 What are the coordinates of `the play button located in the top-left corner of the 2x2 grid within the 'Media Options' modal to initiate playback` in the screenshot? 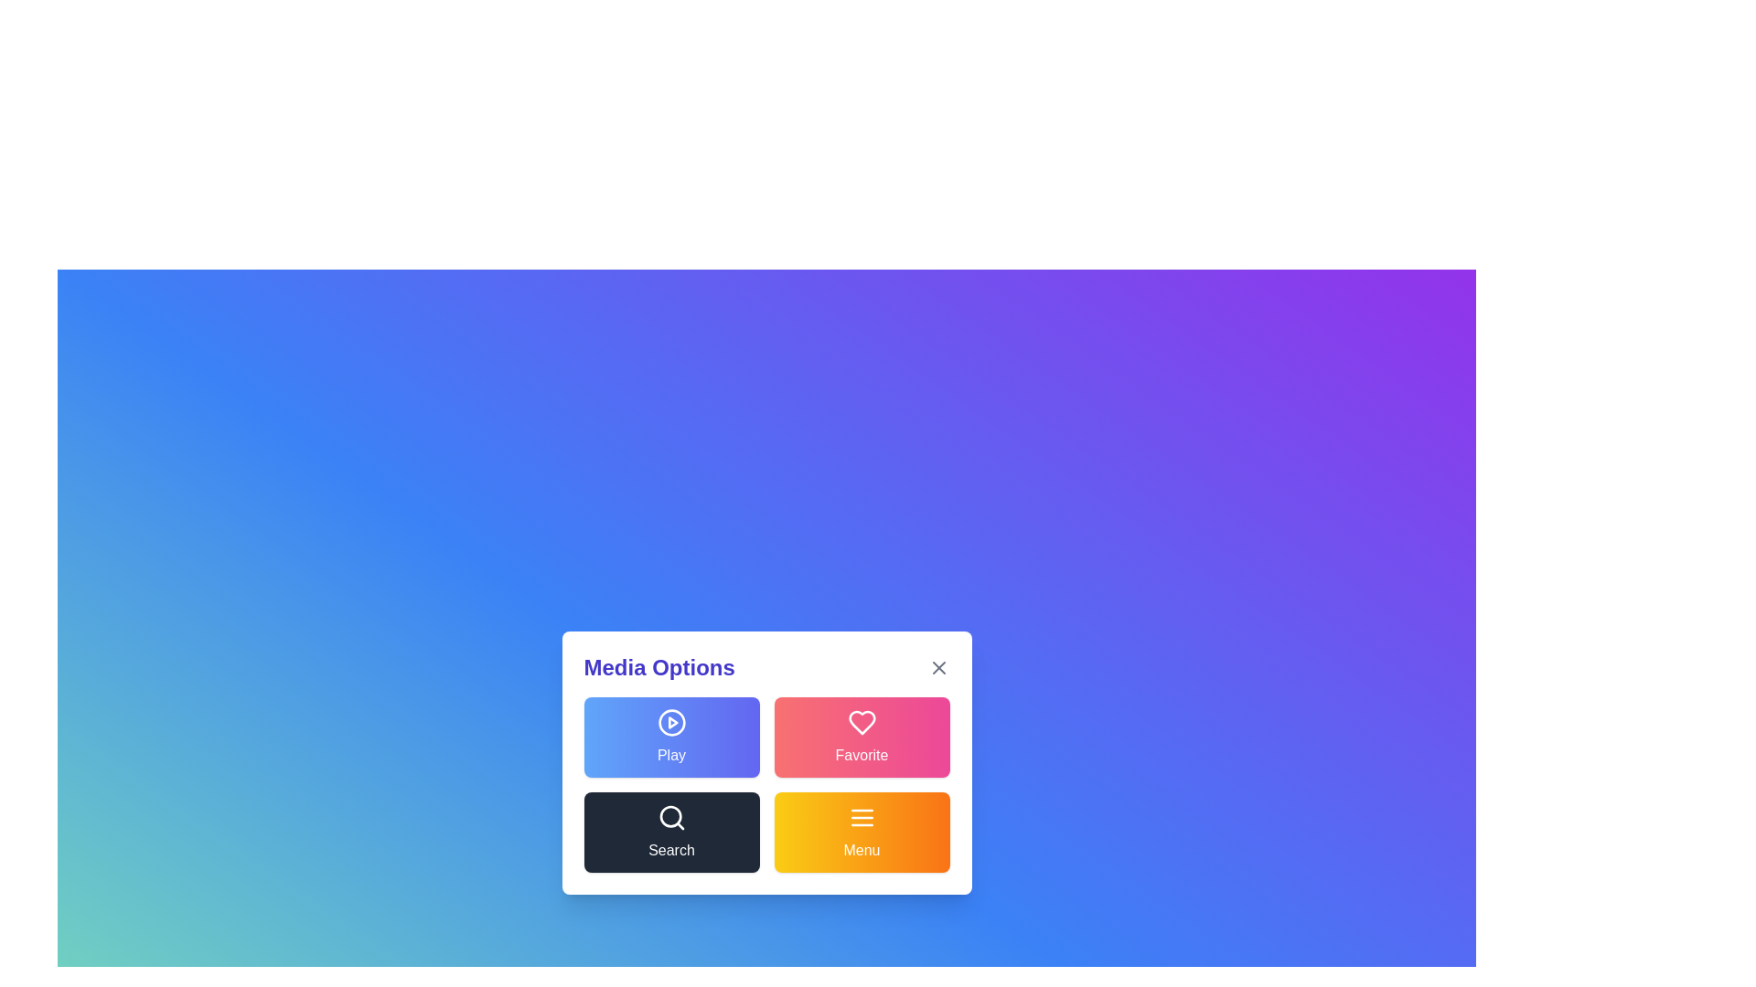 It's located at (670, 736).